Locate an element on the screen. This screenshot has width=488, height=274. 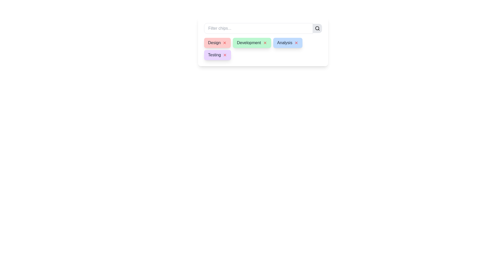
the chip labeled Analysis by clicking its close button is located at coordinates (296, 43).